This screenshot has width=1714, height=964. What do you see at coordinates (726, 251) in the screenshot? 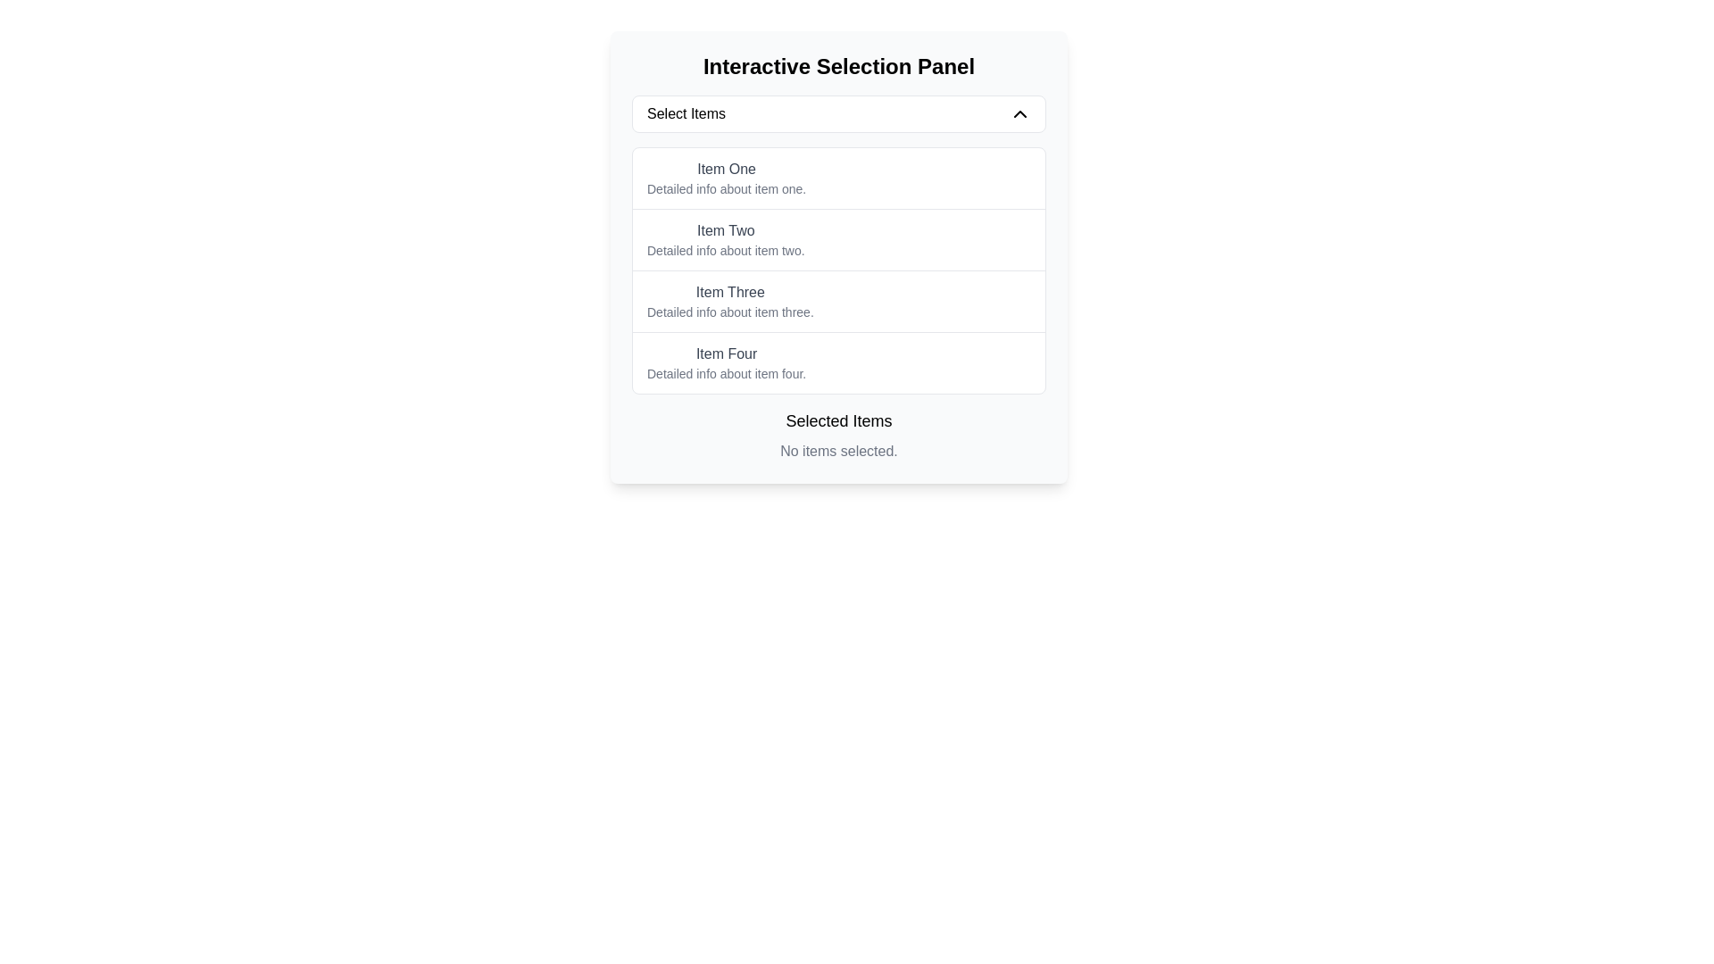
I see `descriptive text element that provides information about 'Item Two', located below the title 'Item Two' and above 'Item Three'` at bounding box center [726, 251].